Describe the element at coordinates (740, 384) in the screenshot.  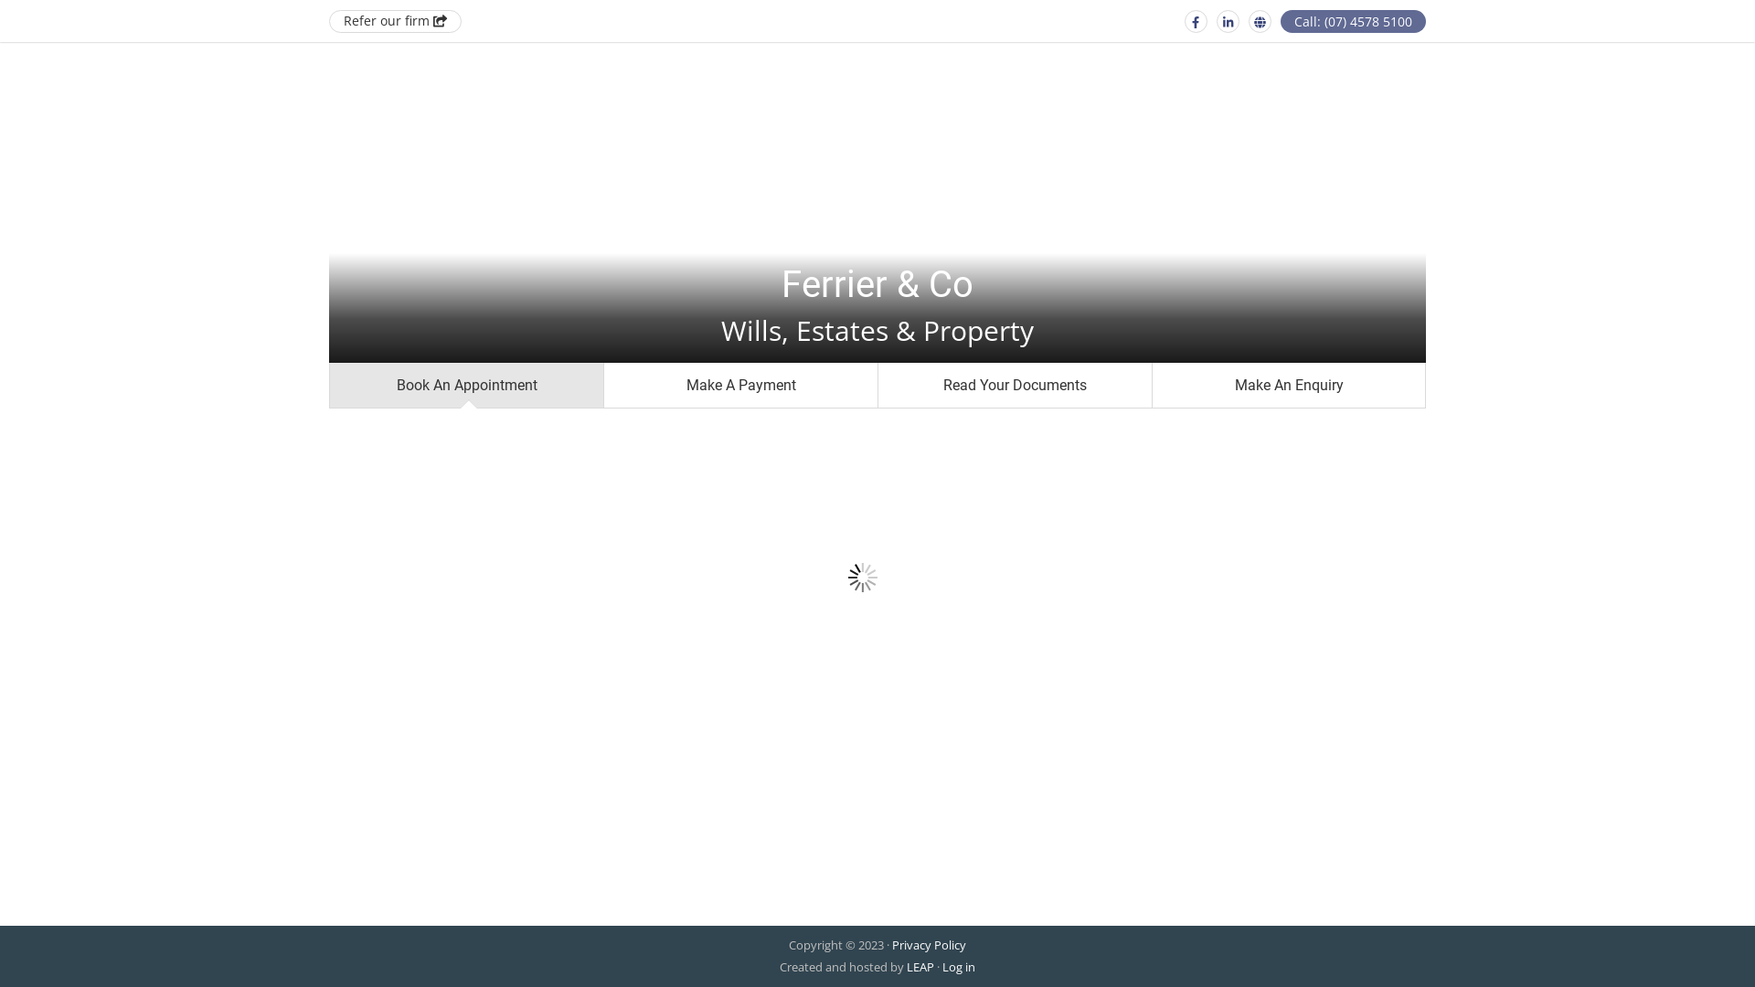
I see `'Make A Payment'` at that location.